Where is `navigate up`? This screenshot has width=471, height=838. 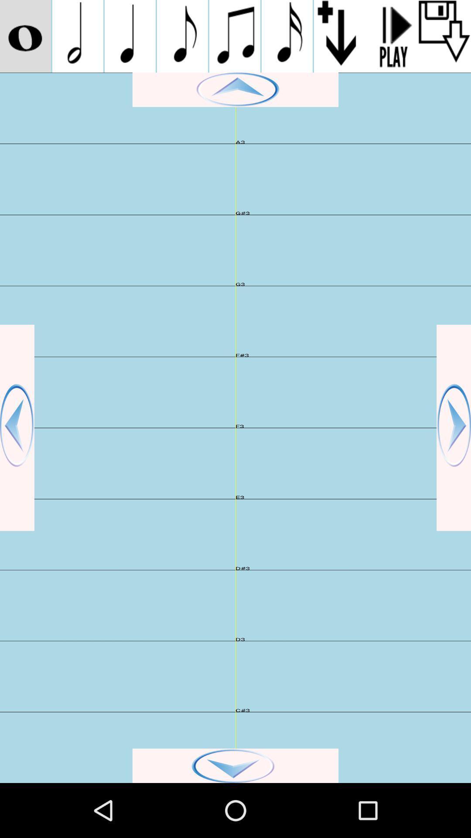 navigate up is located at coordinates (235, 89).